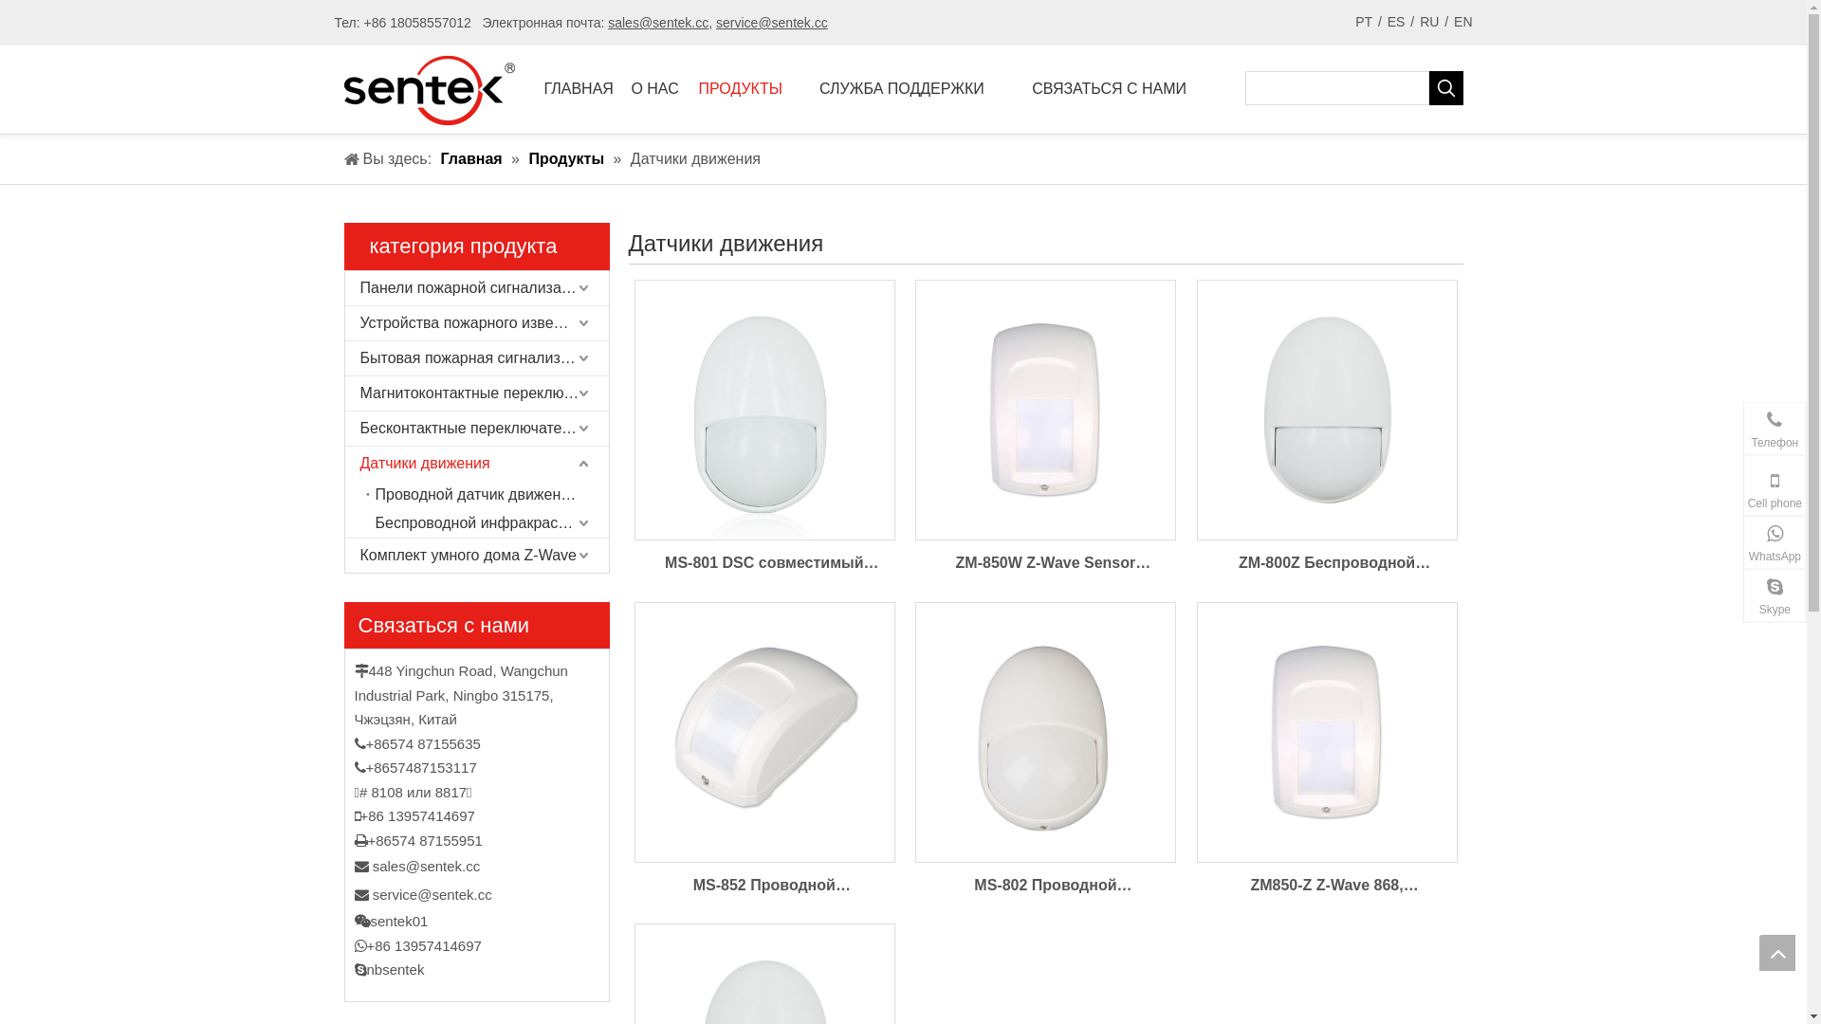 The image size is (1821, 1024). Describe the element at coordinates (1363, 22) in the screenshot. I see `'PT'` at that location.